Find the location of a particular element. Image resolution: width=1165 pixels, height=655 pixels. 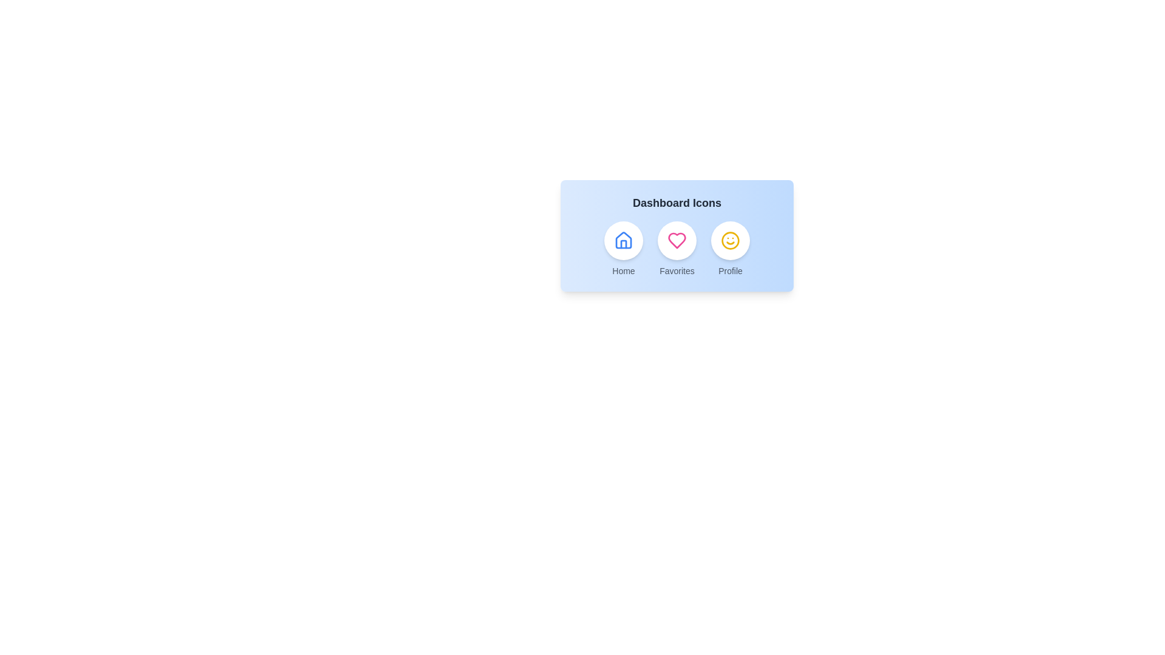

the Text Label located in the Dashboard section, which serves as a descriptor for the icon above it, specifically the third label below the smiley-face icon is located at coordinates (730, 270).